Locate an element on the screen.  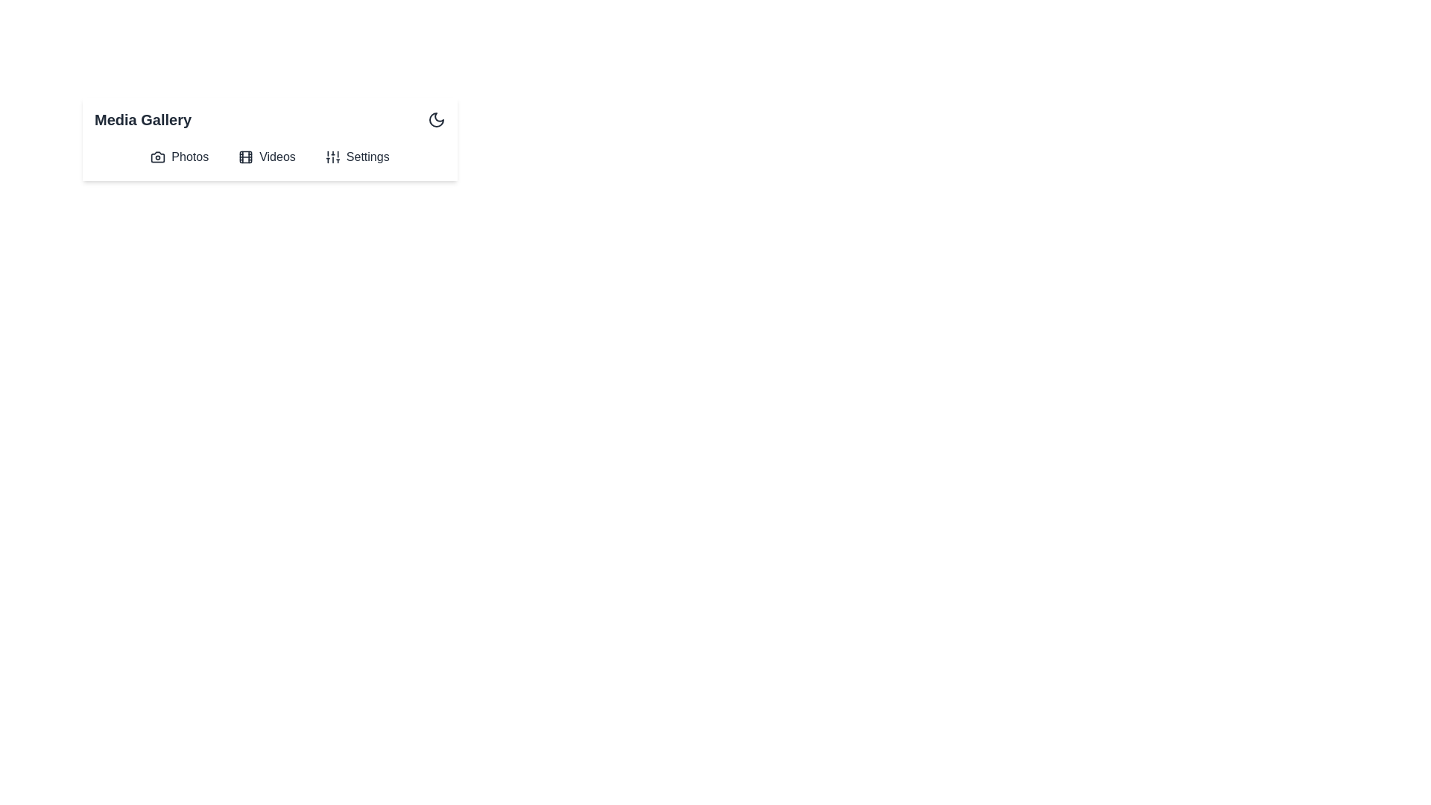
moon/sun icon to toggle the dark mode theme is located at coordinates (435, 119).